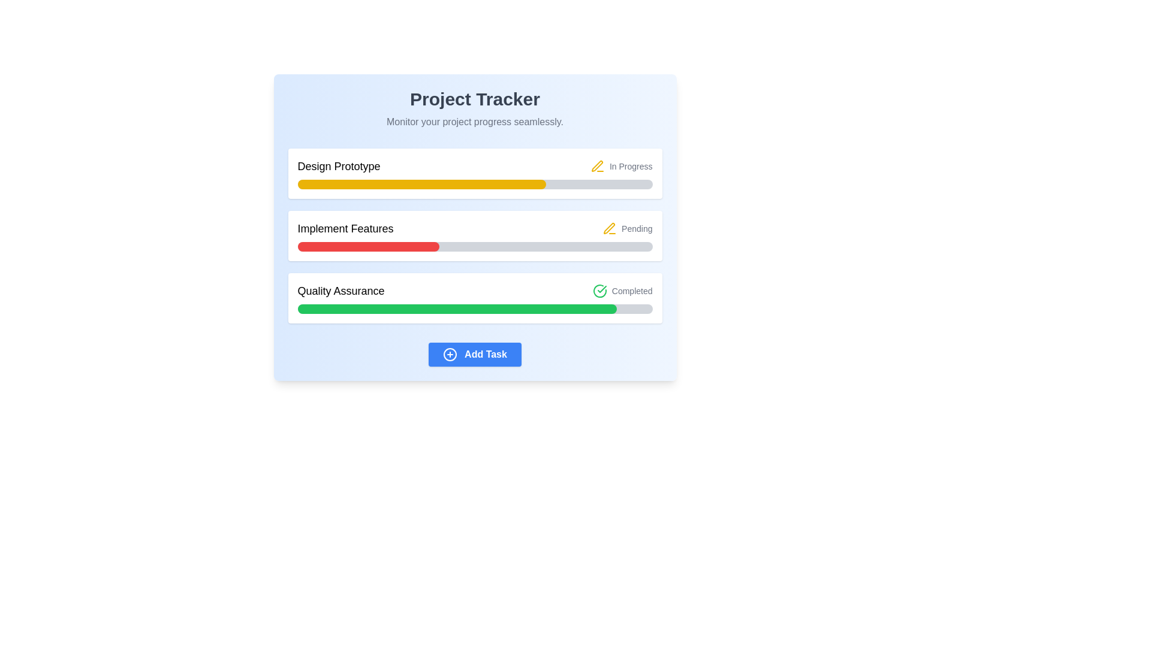 Image resolution: width=1151 pixels, height=647 pixels. Describe the element at coordinates (621, 166) in the screenshot. I see `the Status indicator with a yellow pen icon and 'In Progress' text, located on the right side of the 'Design Prototype' task row` at that location.